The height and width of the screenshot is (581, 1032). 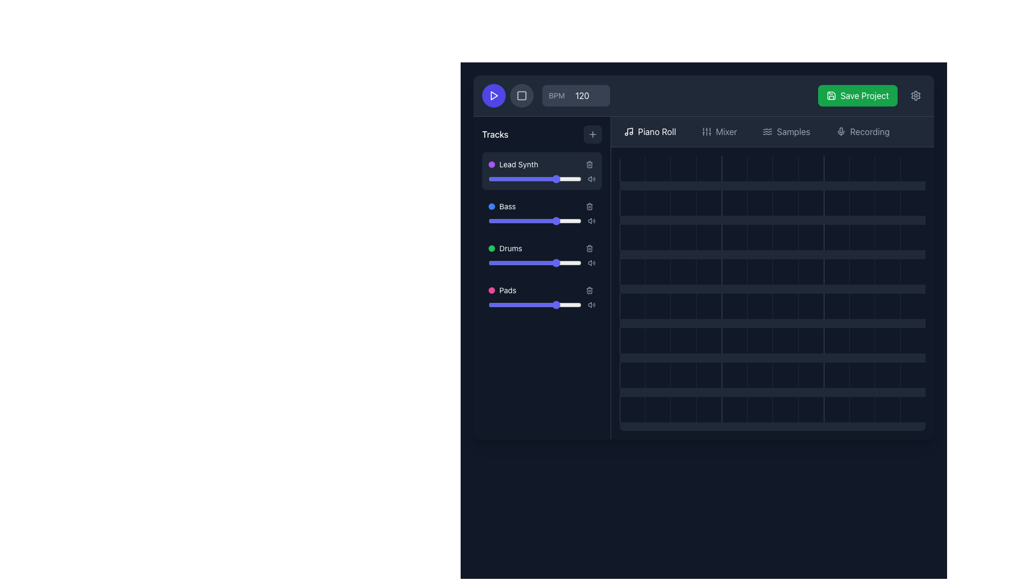 What do you see at coordinates (759, 203) in the screenshot?
I see `the square-shaped grid cell located in the 6th column and 2nd row with a dark gray background` at bounding box center [759, 203].